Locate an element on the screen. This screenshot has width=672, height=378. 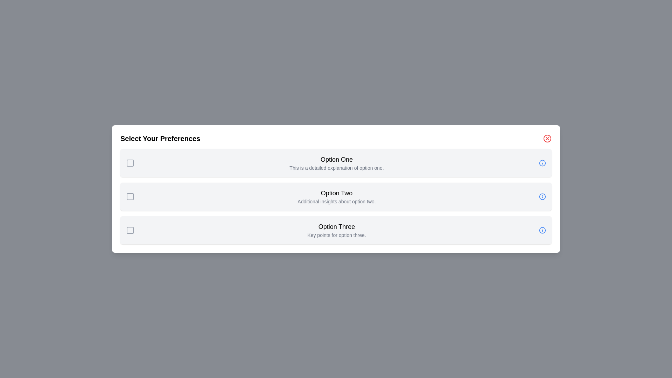
the close button represented by a vector graphic circle in the SVG to trigger the tooltip is located at coordinates (547, 139).